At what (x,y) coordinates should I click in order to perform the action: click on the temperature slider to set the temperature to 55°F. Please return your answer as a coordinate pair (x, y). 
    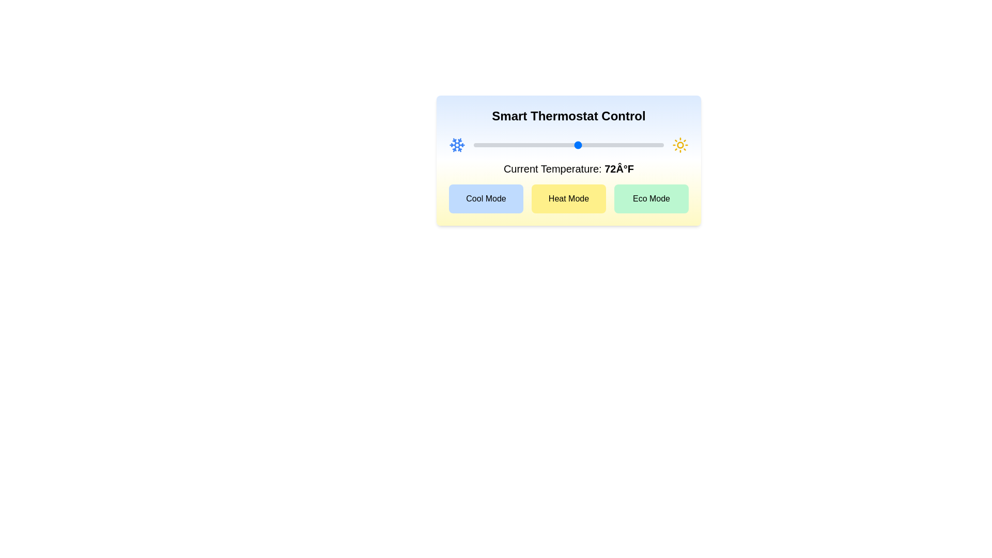
    Looking at the image, I should click on (498, 145).